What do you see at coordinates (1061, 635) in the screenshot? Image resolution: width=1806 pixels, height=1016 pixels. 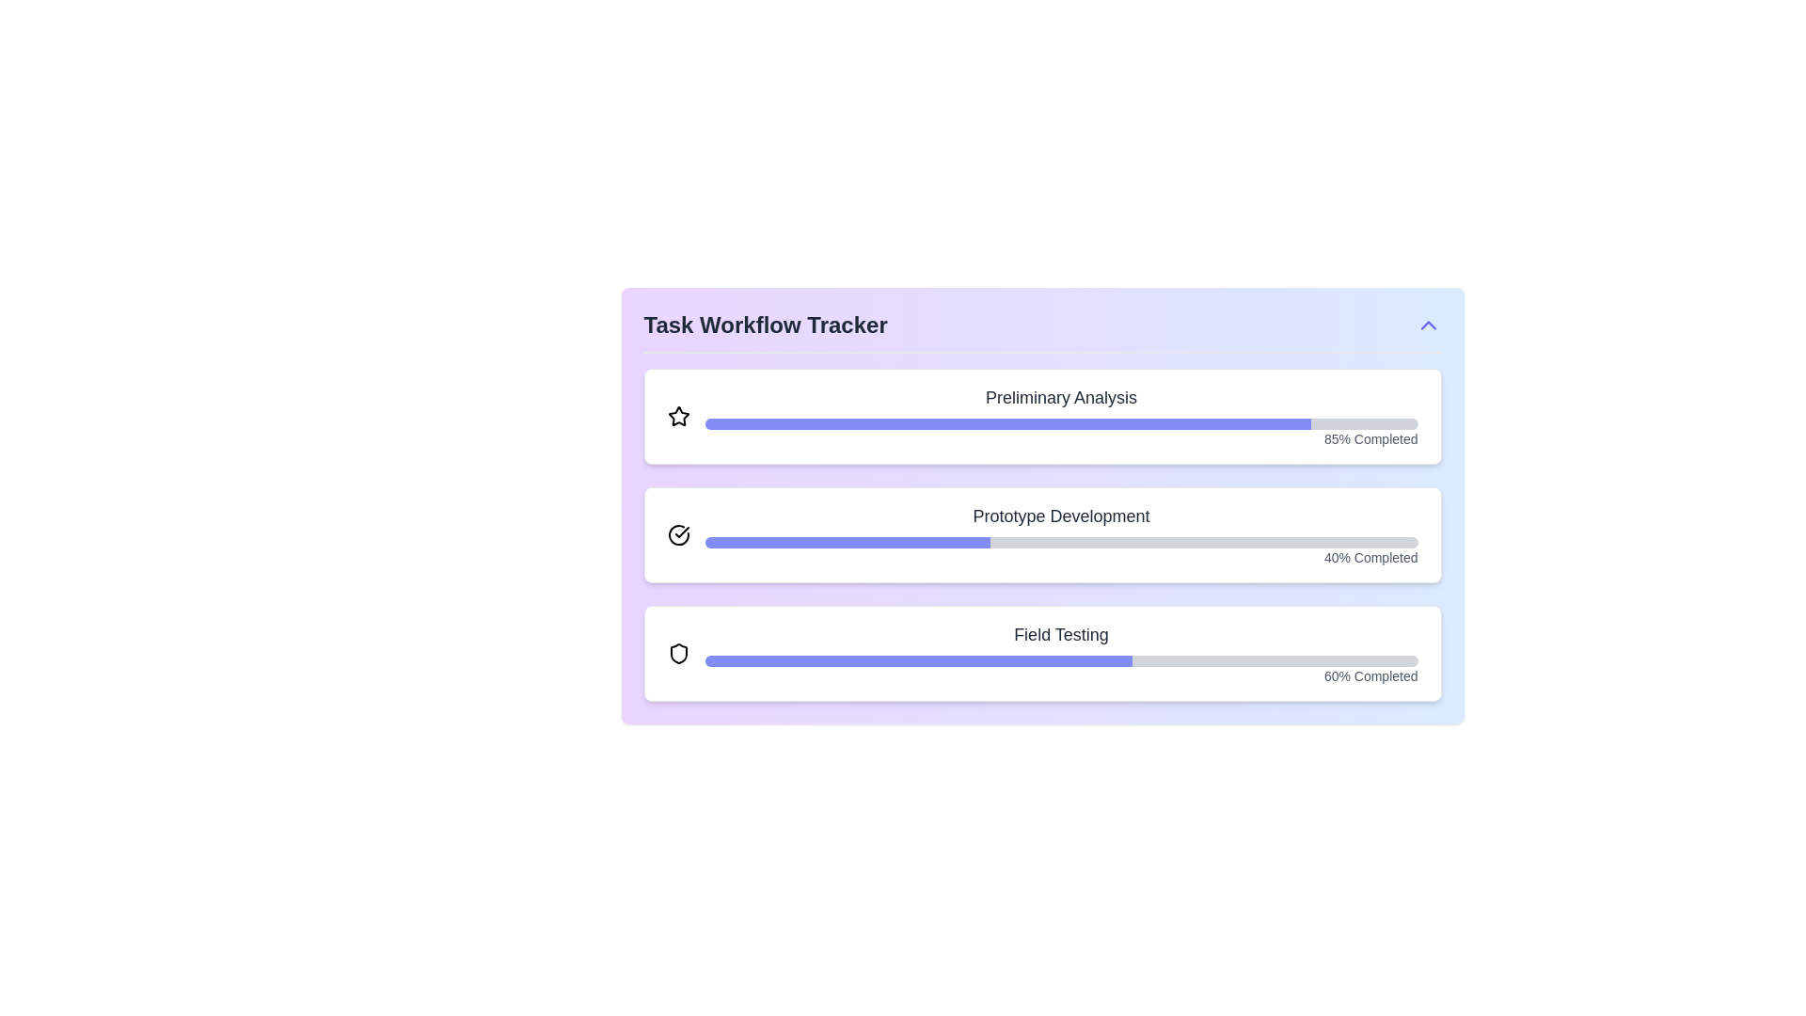 I see `the Text display element, which serves as a label indicating the section's name within the workflow tracker, positioned above the progress bar and the text '60% Completed'` at bounding box center [1061, 635].